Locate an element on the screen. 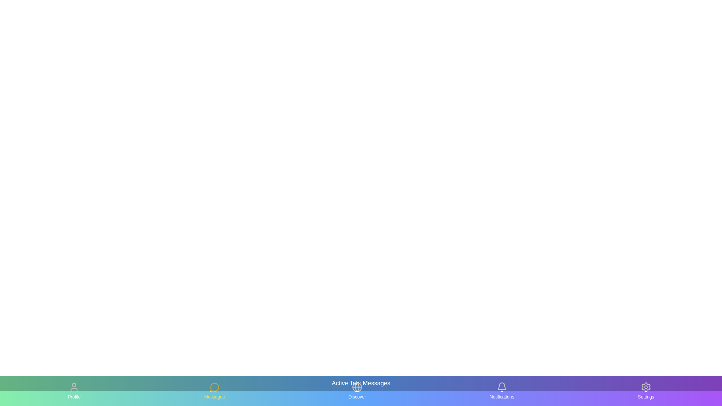 The image size is (722, 406). the tab labeled Discover is located at coordinates (357, 391).